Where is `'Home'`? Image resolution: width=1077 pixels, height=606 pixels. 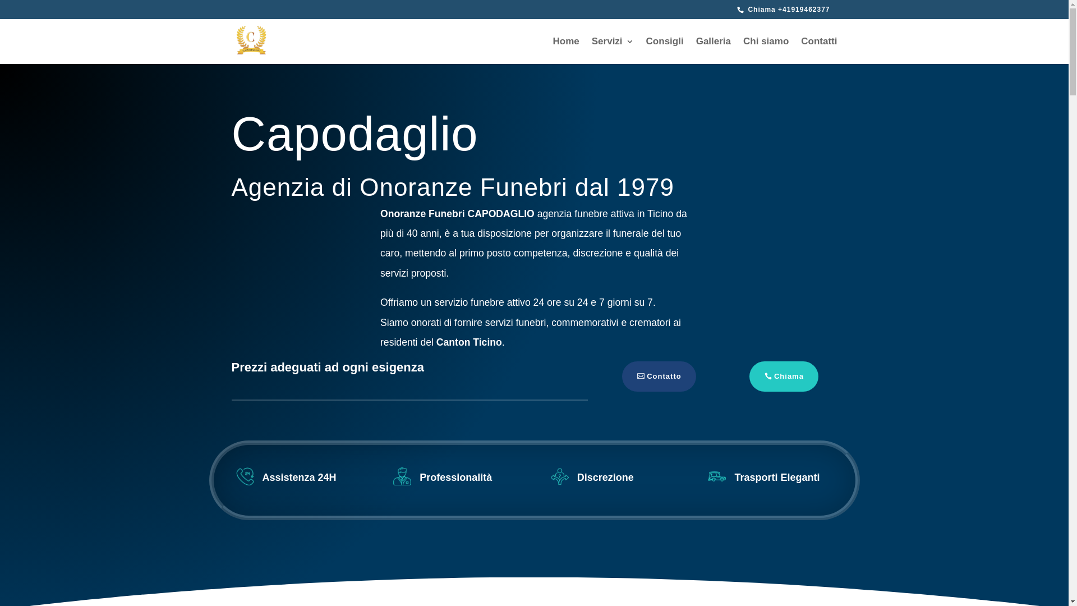 'Home' is located at coordinates (566, 50).